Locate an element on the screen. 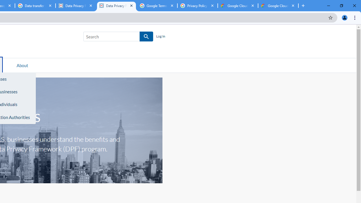  'Google Cloud Privacy Notice' is located at coordinates (238, 6).